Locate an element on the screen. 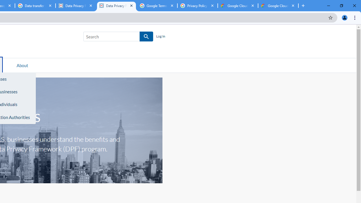  'Google Cloud Privacy Notice' is located at coordinates (238, 6).